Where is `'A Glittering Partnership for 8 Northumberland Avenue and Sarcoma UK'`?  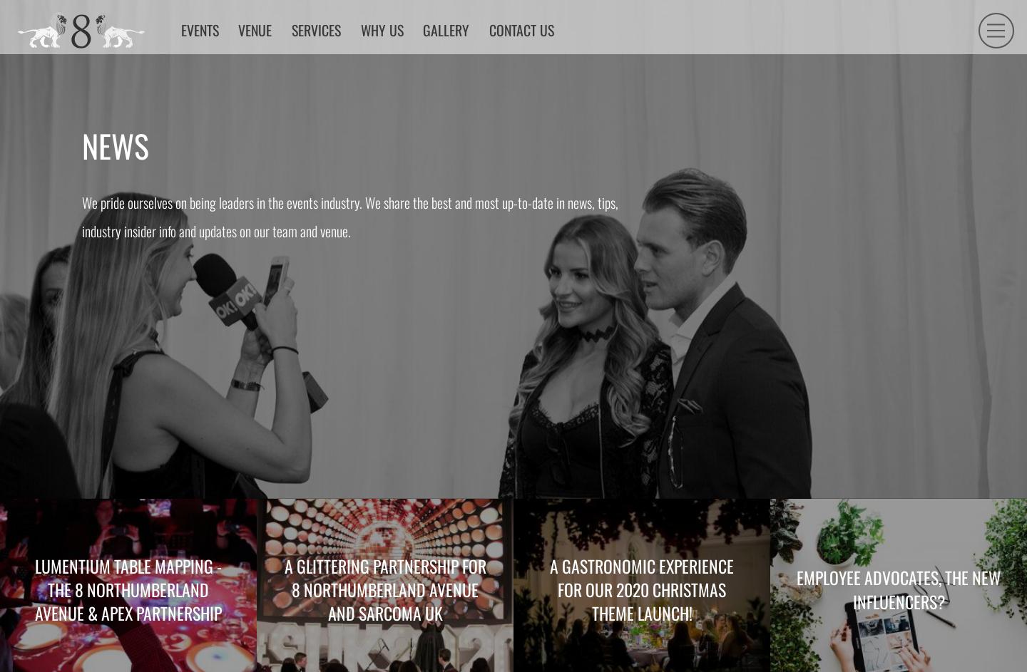 'A Glittering Partnership for 8 Northumberland Avenue and Sarcoma UK' is located at coordinates (384, 589).